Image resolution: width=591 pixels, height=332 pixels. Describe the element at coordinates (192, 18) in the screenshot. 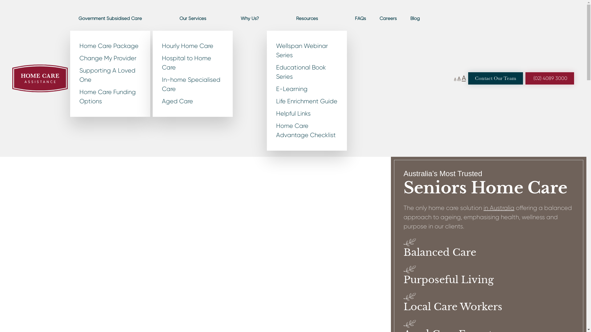

I see `'Our Services'` at that location.